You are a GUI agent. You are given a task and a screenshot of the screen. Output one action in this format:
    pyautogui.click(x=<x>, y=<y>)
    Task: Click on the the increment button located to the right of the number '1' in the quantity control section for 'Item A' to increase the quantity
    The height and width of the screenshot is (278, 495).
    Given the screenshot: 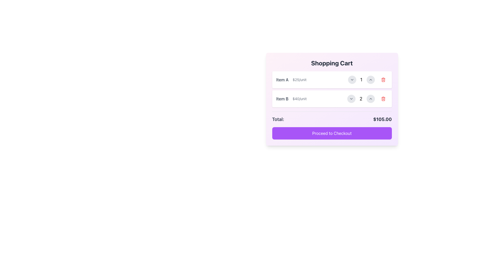 What is the action you would take?
    pyautogui.click(x=367, y=80)
    